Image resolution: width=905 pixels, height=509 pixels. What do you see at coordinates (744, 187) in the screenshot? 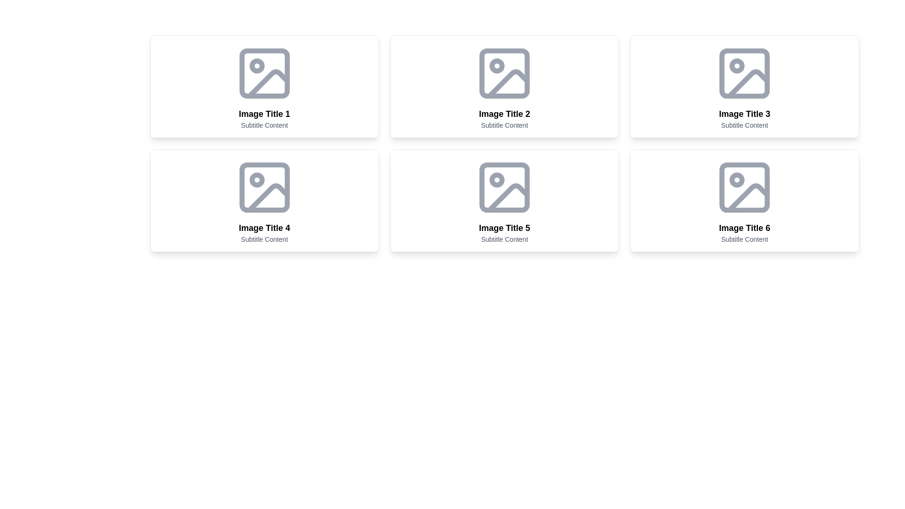
I see `the icon or graphical placeholder located in the last card of the grid layout, positioned at the top center above 'Image Title 6' and 'Subtitle Content'` at bounding box center [744, 187].